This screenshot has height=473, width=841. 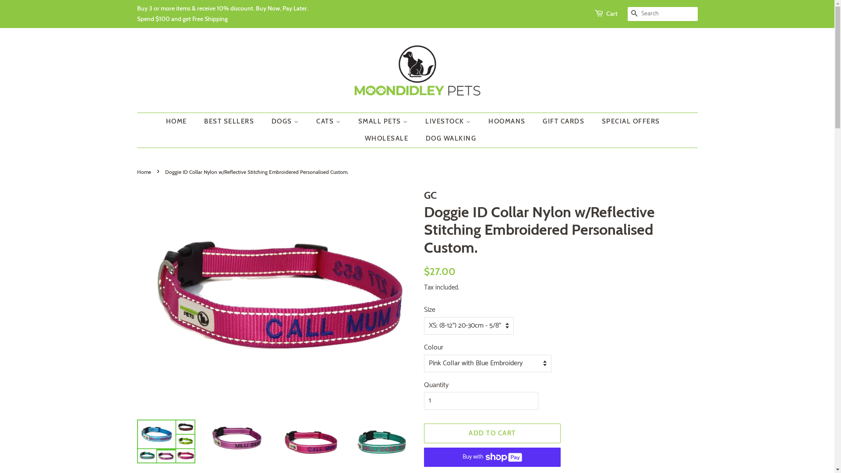 I want to click on 'Home', so click(x=145, y=172).